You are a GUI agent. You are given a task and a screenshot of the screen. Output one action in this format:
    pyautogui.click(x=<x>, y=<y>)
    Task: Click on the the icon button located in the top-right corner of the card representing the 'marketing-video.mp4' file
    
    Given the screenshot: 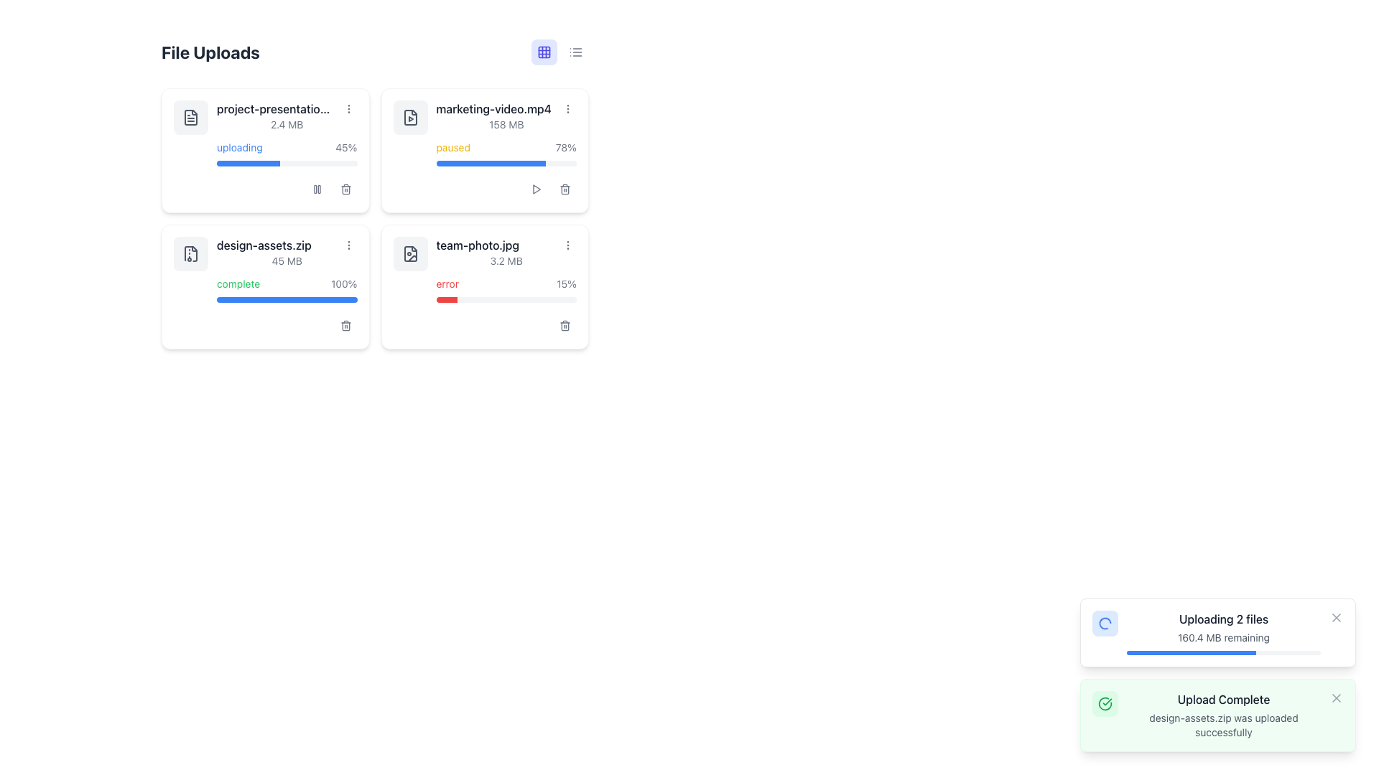 What is the action you would take?
    pyautogui.click(x=567, y=108)
    